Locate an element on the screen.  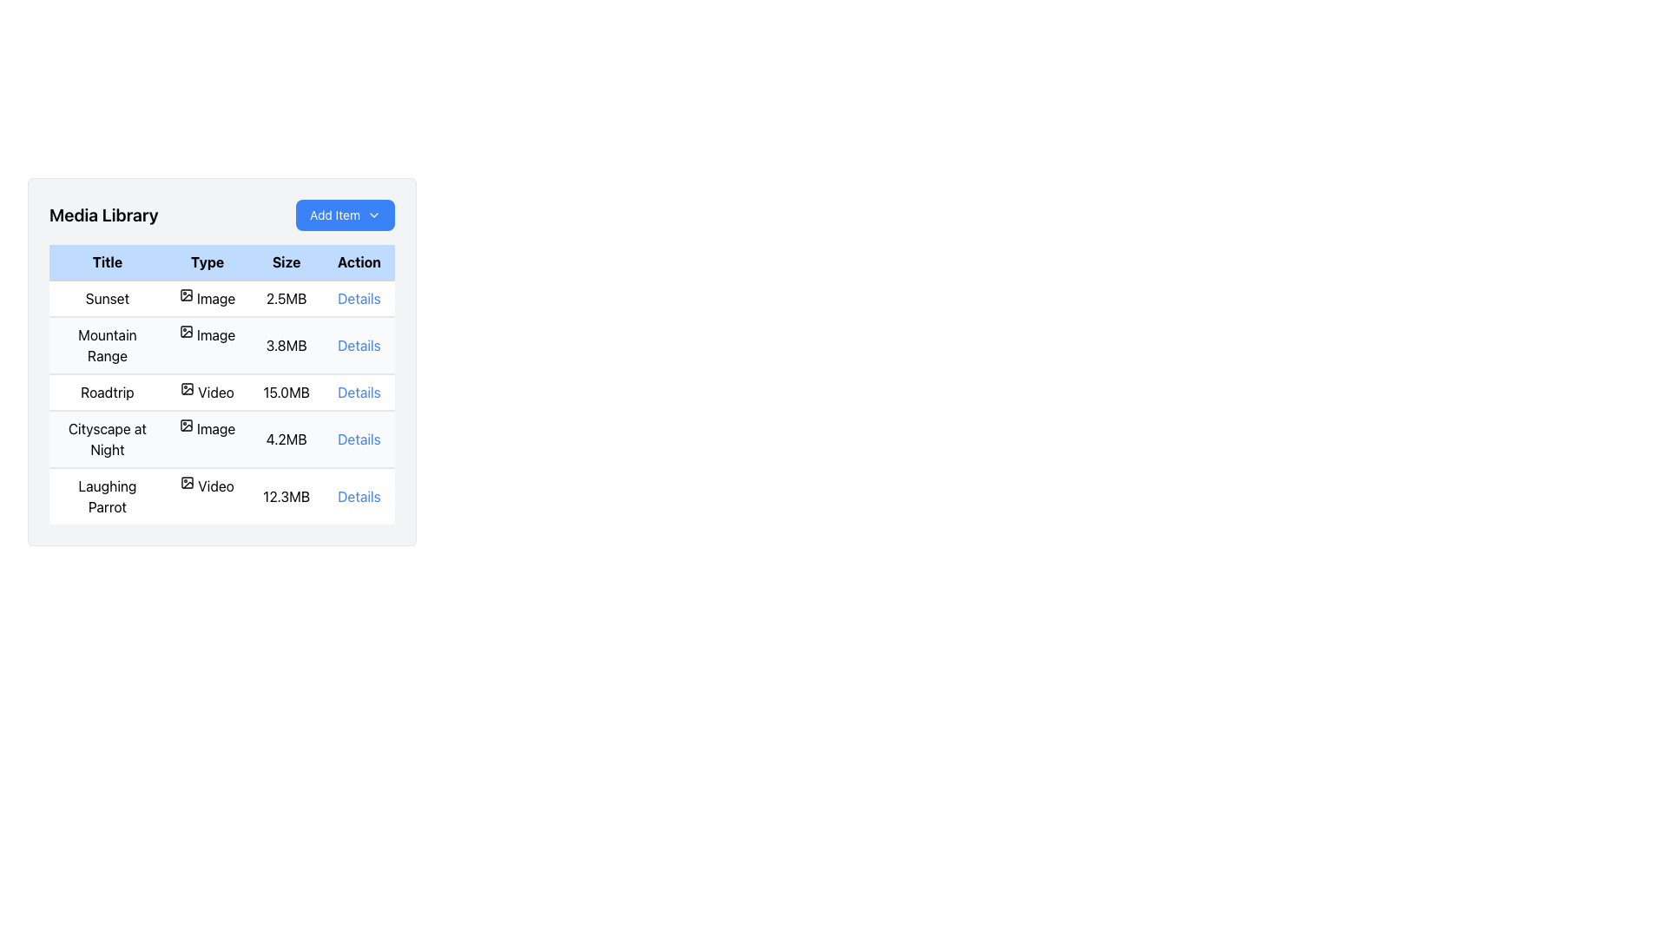
the small black icon styled as an image frame with rounded corners, located in the cell under the 'Type' column of the second row associated with the 'Mountain Range' entry in the 'Title' column is located at coordinates (186, 331).